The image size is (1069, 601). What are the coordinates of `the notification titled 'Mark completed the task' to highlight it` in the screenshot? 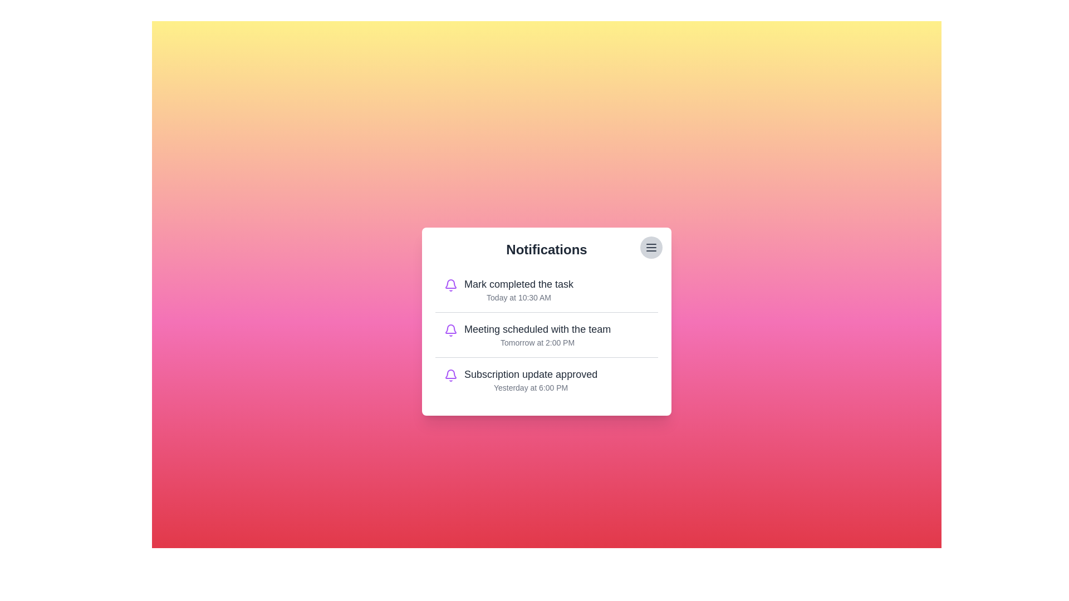 It's located at (547, 289).